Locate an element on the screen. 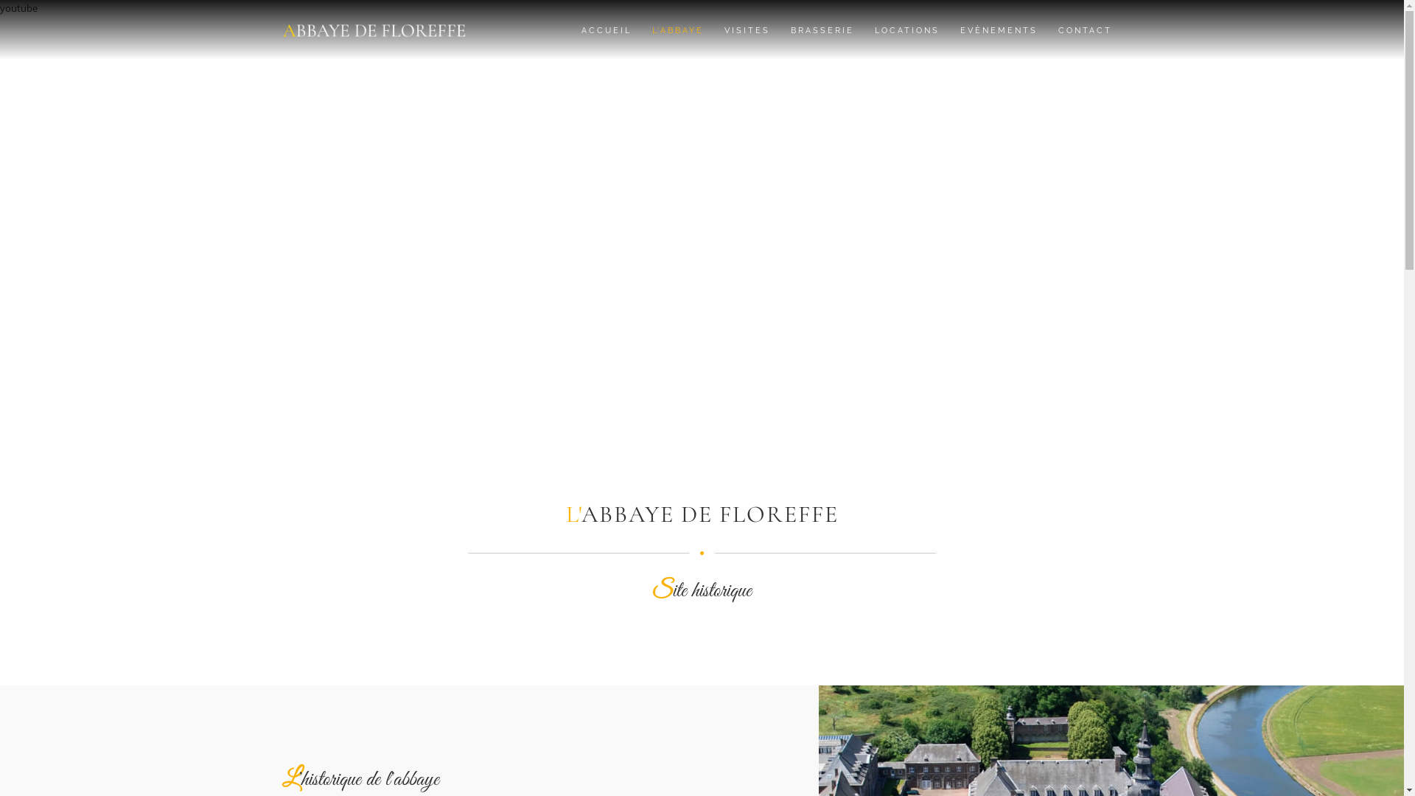 This screenshot has width=1415, height=796. 'ACCUEIL' is located at coordinates (605, 28).